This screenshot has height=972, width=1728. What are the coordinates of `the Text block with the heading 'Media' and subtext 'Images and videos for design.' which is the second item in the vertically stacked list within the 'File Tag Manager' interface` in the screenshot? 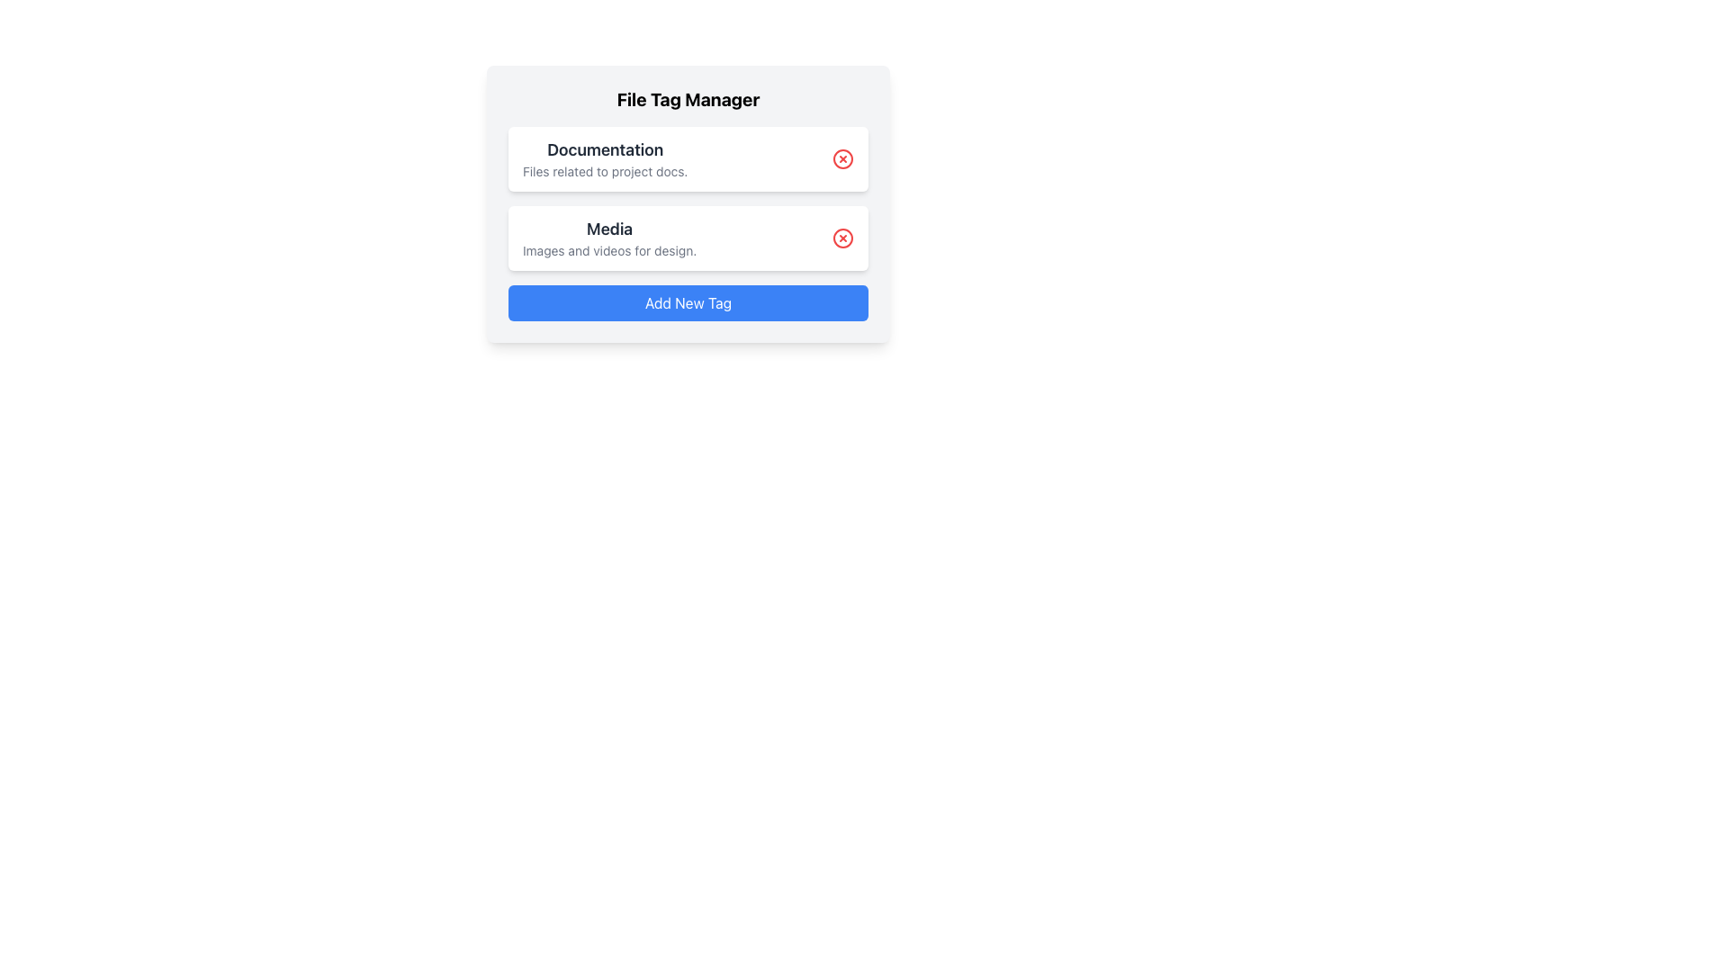 It's located at (609, 238).